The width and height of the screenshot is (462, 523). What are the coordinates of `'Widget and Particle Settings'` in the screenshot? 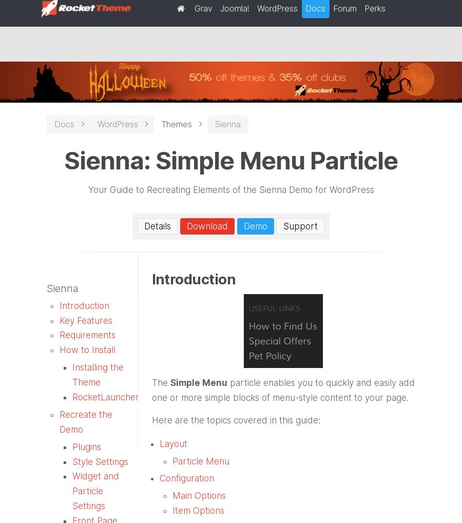 It's located at (95, 491).